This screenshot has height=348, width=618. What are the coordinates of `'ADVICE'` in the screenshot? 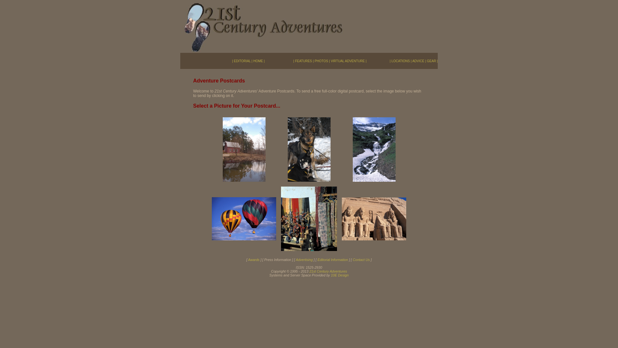 It's located at (412, 61).